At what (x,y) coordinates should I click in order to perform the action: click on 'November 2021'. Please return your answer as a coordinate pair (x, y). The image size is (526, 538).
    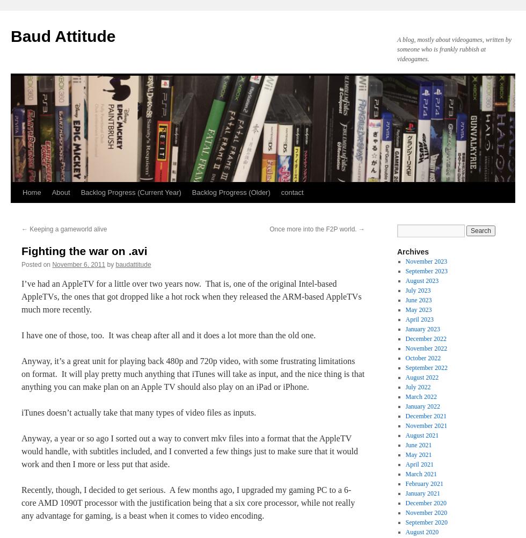
    Looking at the image, I should click on (426, 425).